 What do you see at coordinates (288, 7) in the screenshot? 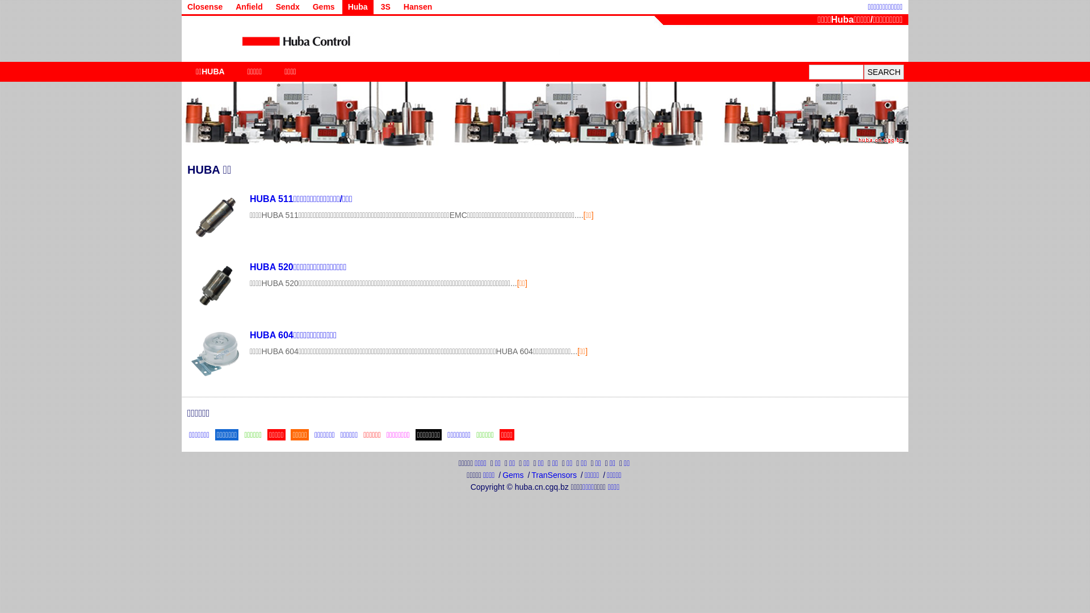
I see `'Sendx'` at bounding box center [288, 7].